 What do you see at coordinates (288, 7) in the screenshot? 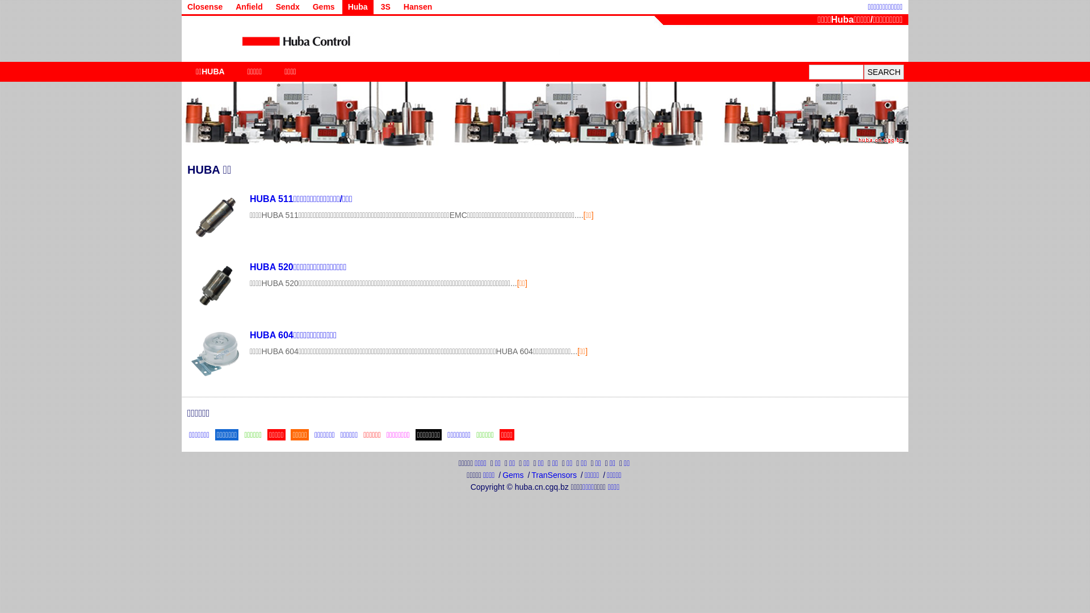
I see `'Sendx'` at bounding box center [288, 7].